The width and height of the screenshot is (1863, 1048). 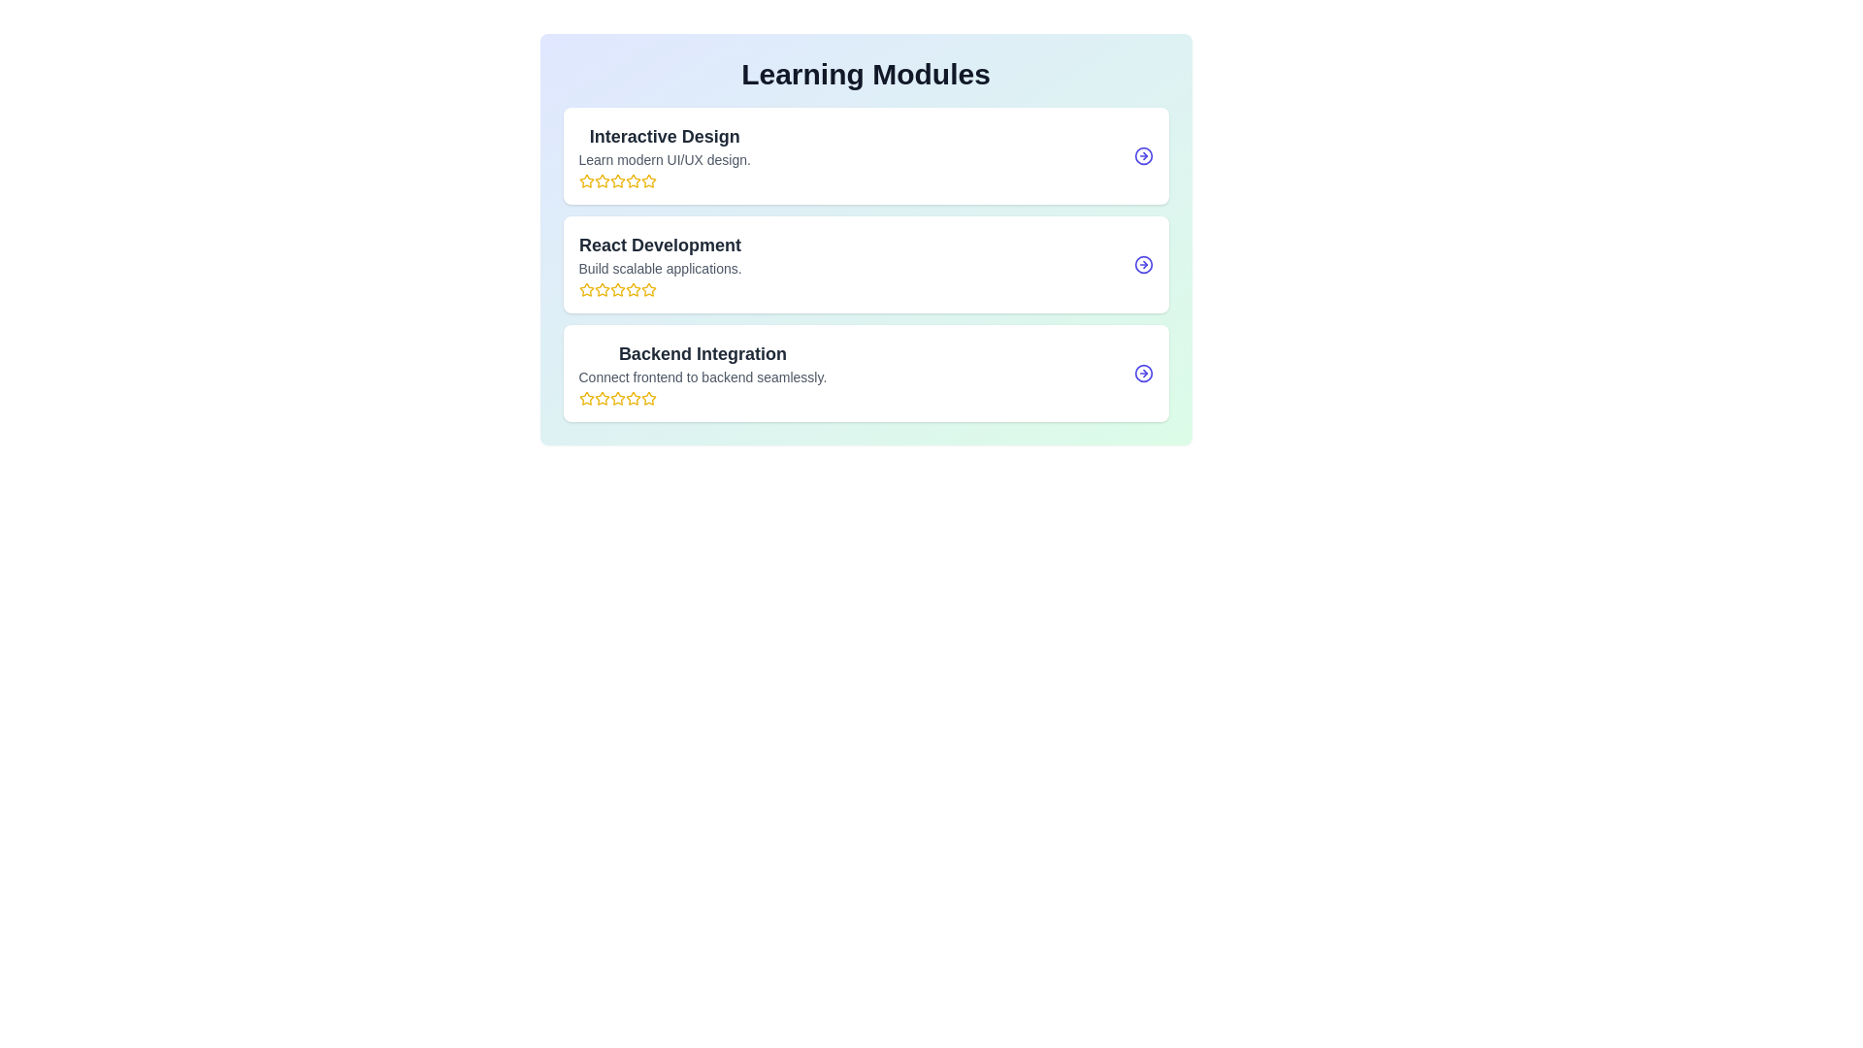 What do you see at coordinates (1143, 374) in the screenshot?
I see `the arrow button of the Backend Integration module to navigate to its detailed view` at bounding box center [1143, 374].